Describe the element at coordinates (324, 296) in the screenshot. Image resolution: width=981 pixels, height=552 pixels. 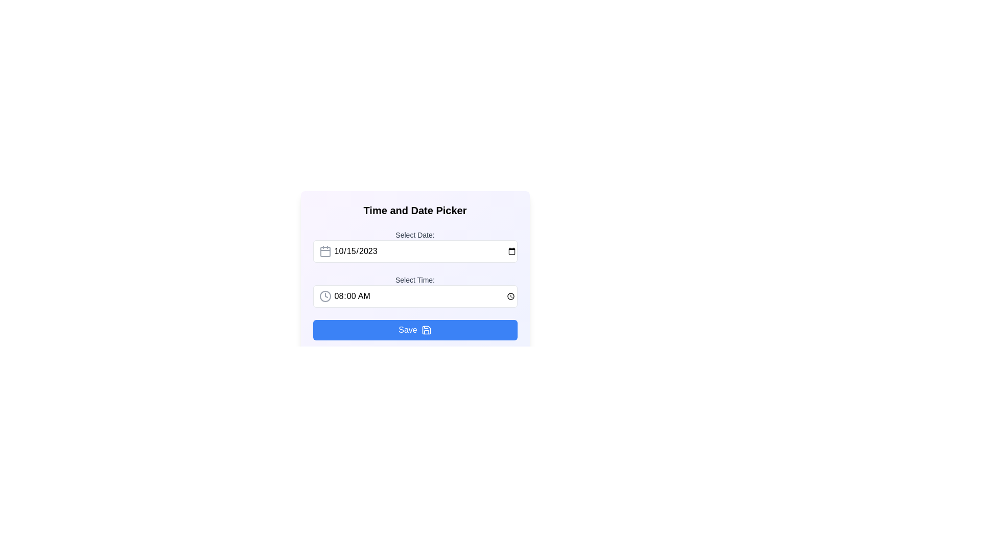
I see `the SVG circle shape that serves as the background of the clock icon, located within the 'Select Time' section under the 'Time and Date Picker' title` at that location.